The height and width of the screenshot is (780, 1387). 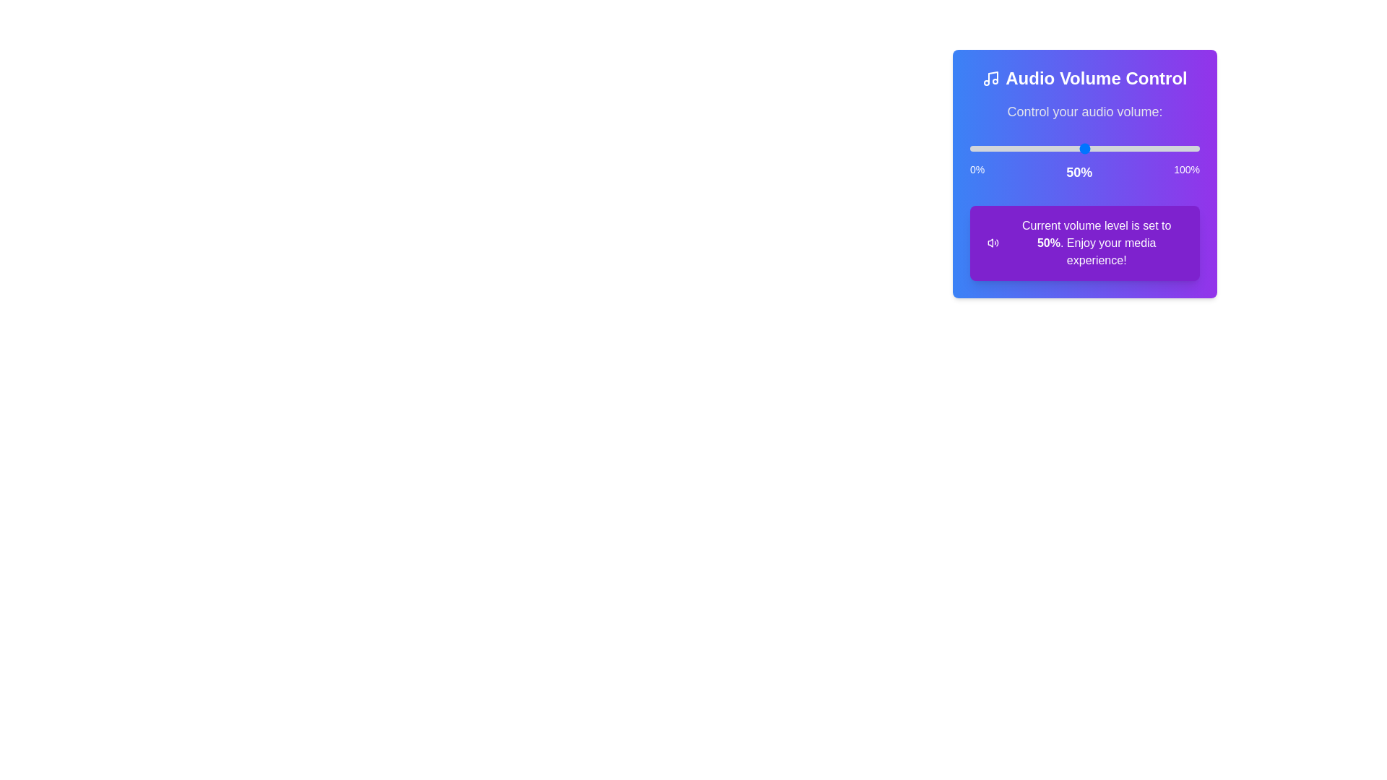 What do you see at coordinates (1188, 148) in the screenshot?
I see `the volume level to 95%` at bounding box center [1188, 148].